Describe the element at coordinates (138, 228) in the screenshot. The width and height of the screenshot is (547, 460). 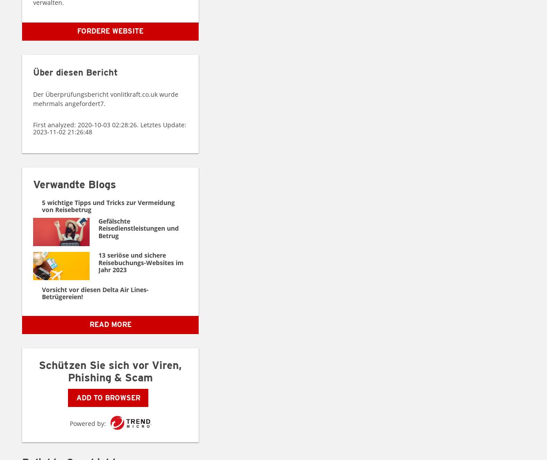
I see `'Gefälschte Reisedienstleistungen und Betrug'` at that location.